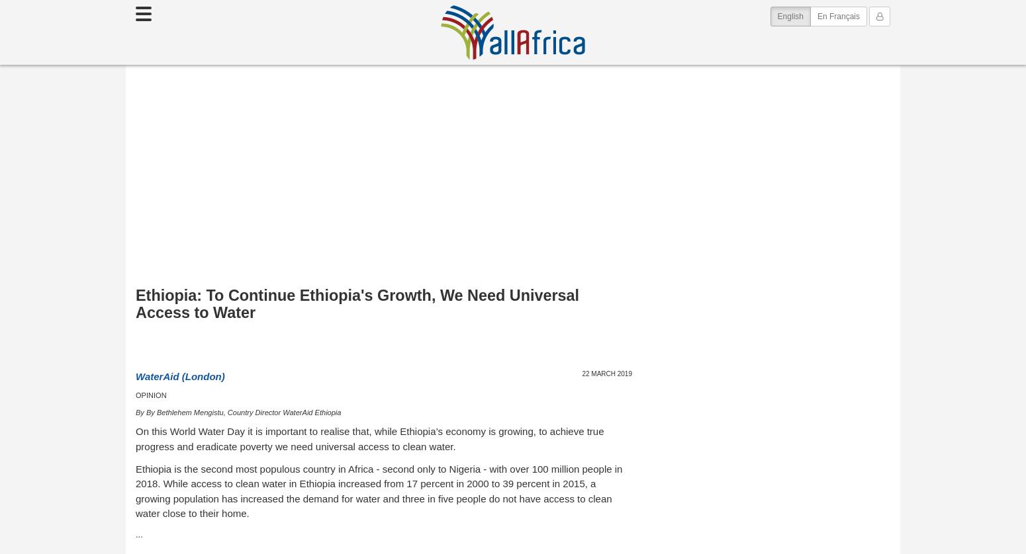 Image resolution: width=1026 pixels, height=554 pixels. What do you see at coordinates (790, 16) in the screenshot?
I see `'English'` at bounding box center [790, 16].